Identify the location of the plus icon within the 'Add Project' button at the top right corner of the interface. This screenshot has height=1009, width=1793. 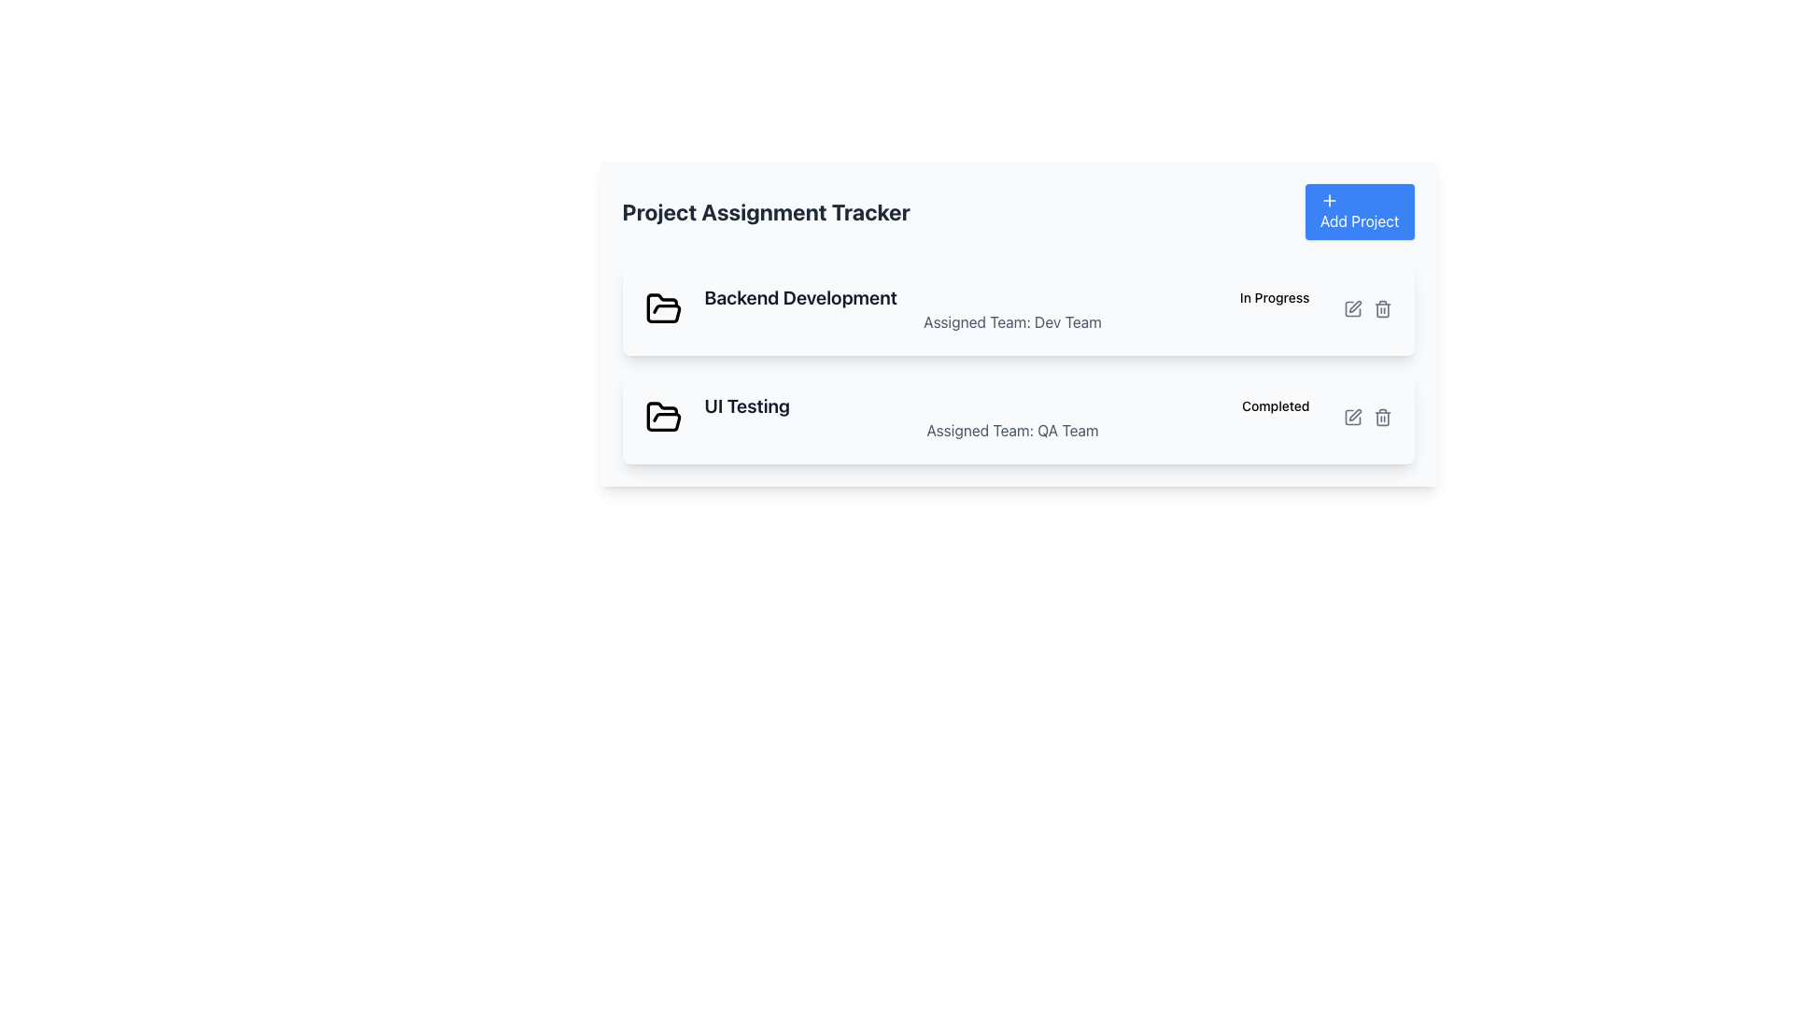
(1329, 201).